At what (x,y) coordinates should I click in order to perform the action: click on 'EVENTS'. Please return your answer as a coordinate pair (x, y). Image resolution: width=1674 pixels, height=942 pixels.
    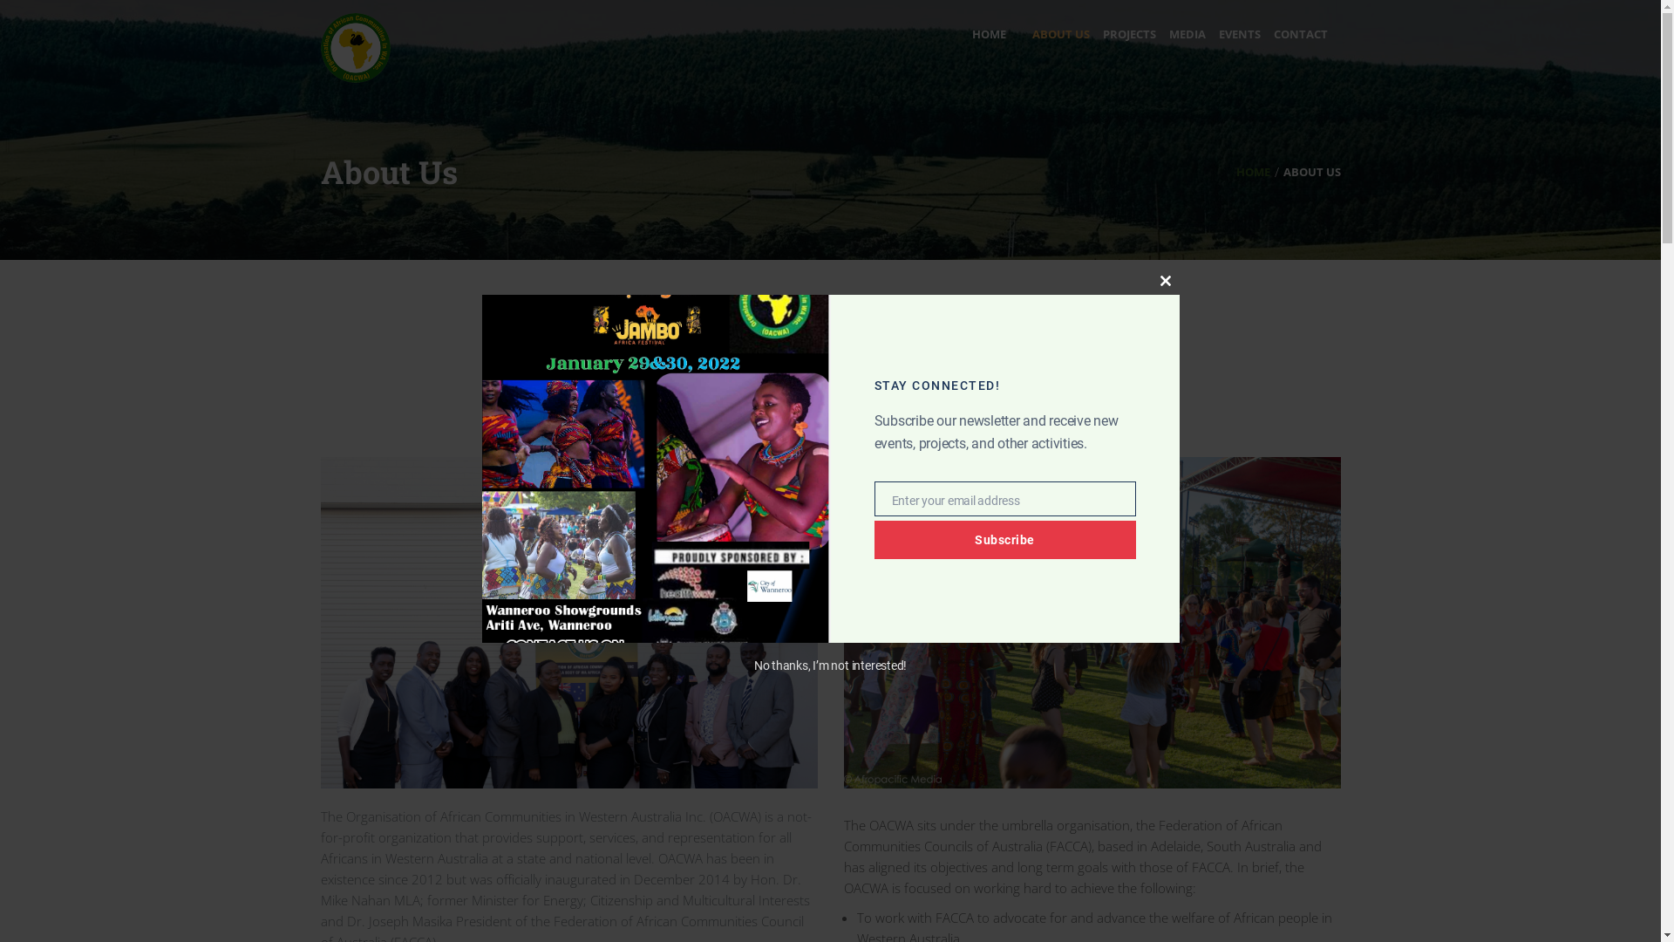
    Looking at the image, I should click on (1204, 34).